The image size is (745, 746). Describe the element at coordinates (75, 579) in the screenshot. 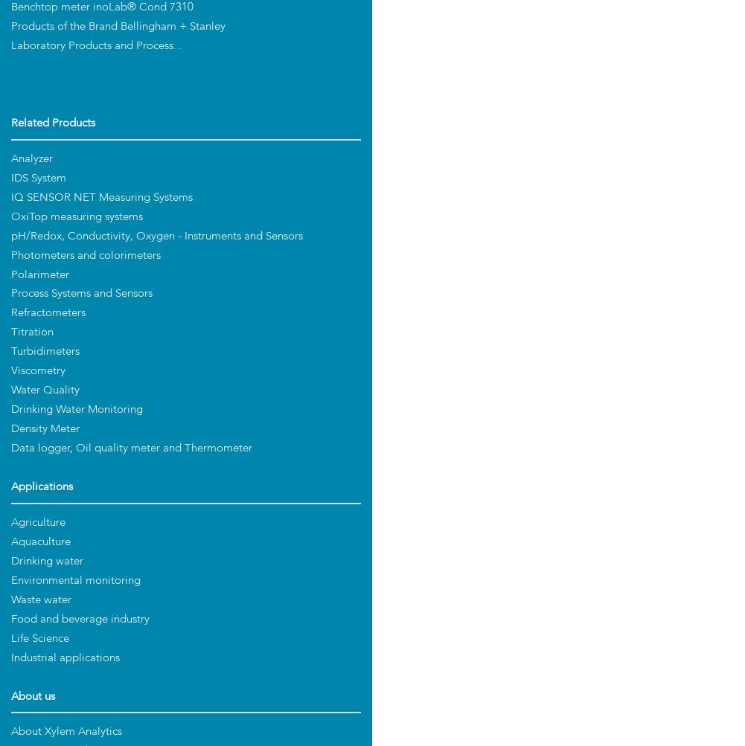

I see `'Environmental monitoring'` at that location.